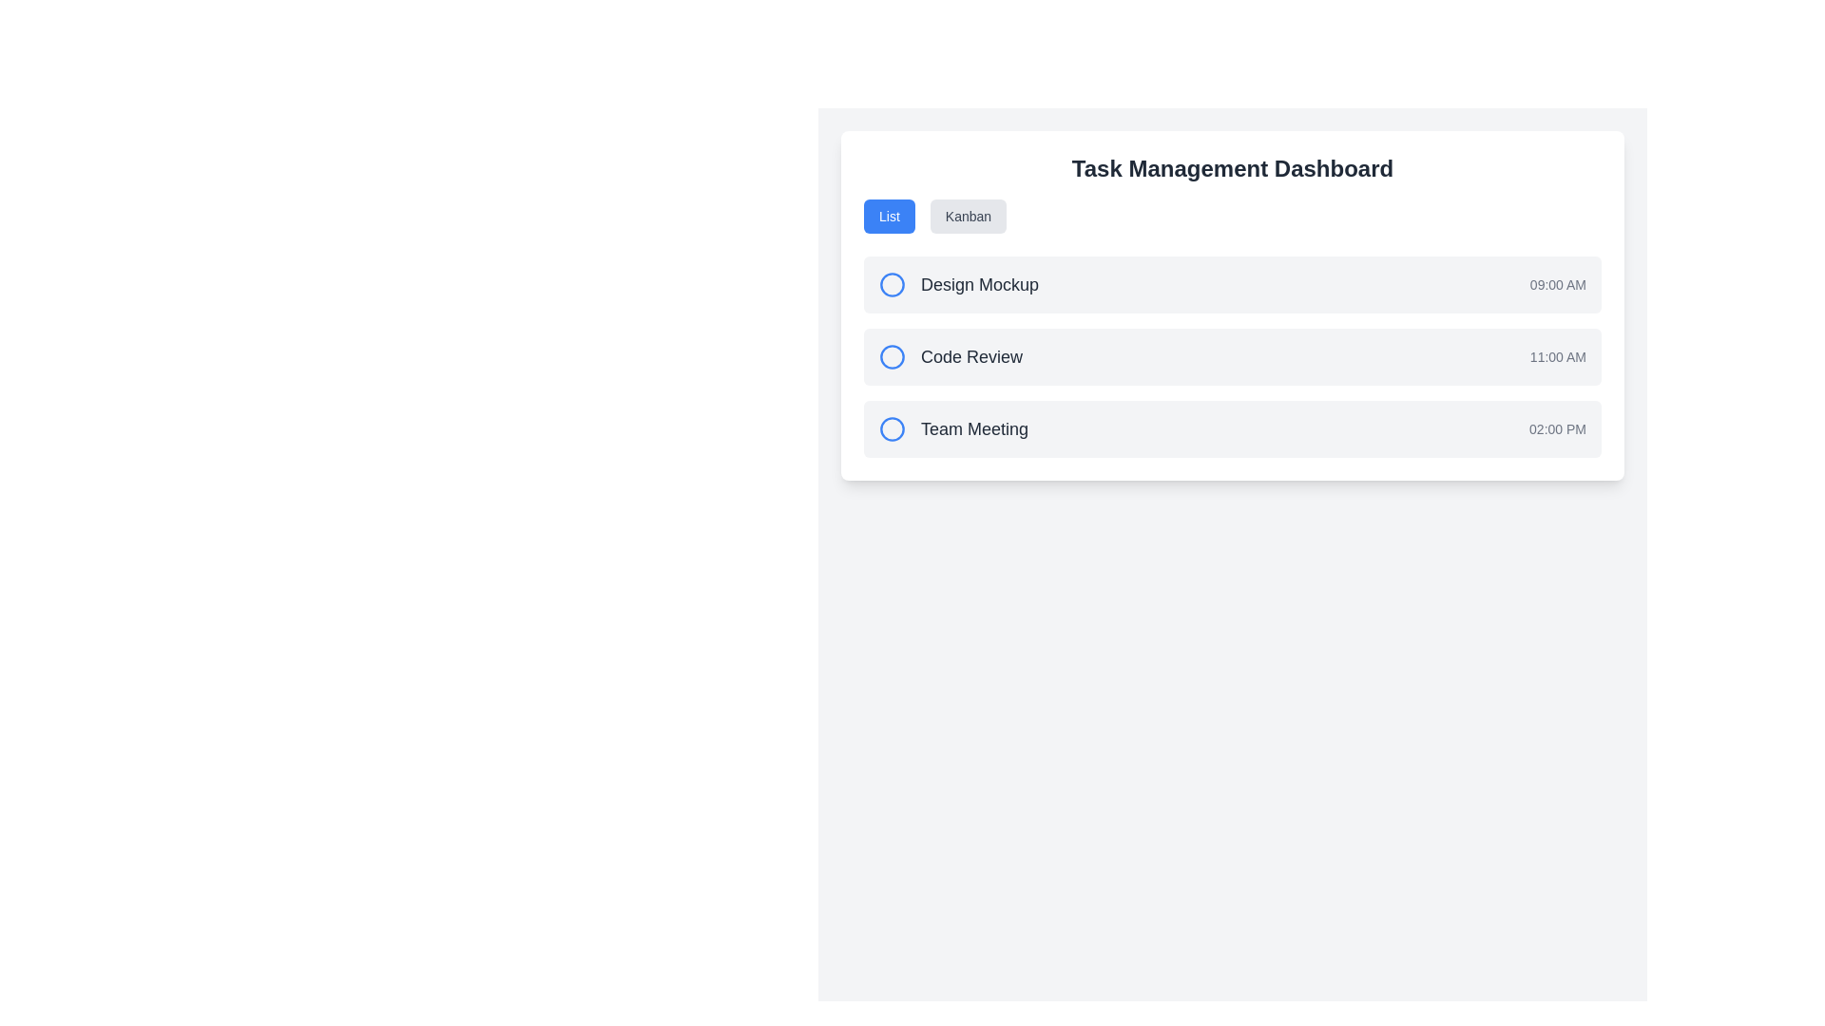  Describe the element at coordinates (971, 356) in the screenshot. I see `the text label that provides the name or title for the second task item in a vertical stack of tasks, which is horizontally aligned with a circular status indicator on its left and a time label on its right` at that location.